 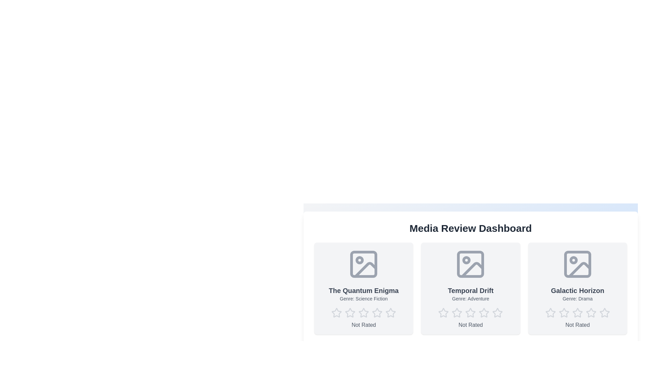 I want to click on the star corresponding to the desired rating 3 for the media item The Quantum Enigma, so click(x=363, y=313).